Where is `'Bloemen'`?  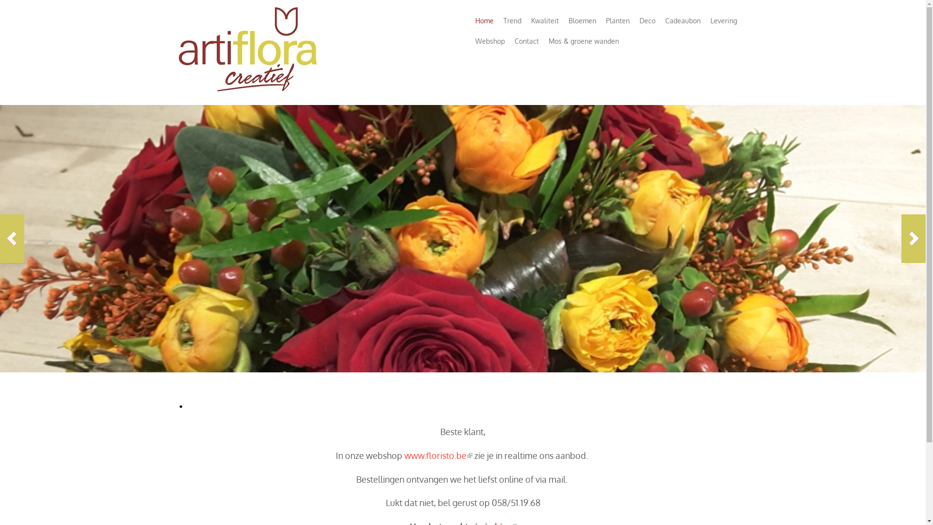 'Bloemen' is located at coordinates (582, 20).